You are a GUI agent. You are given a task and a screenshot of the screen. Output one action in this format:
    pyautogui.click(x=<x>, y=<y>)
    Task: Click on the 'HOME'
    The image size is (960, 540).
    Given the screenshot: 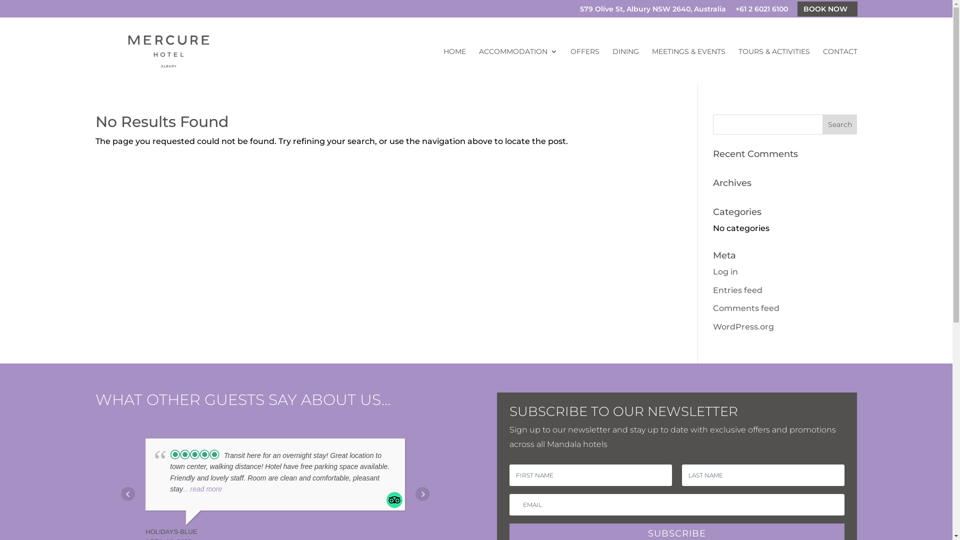 What is the action you would take?
    pyautogui.click(x=453, y=66)
    